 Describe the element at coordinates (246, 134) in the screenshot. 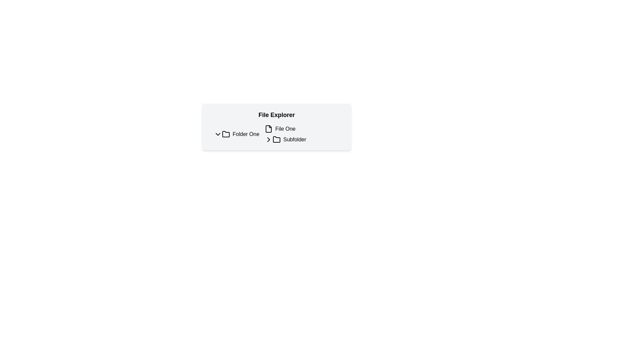

I see `the text label displaying 'Folder One' which is positioned next to a folder icon in a file explorer layout` at that location.